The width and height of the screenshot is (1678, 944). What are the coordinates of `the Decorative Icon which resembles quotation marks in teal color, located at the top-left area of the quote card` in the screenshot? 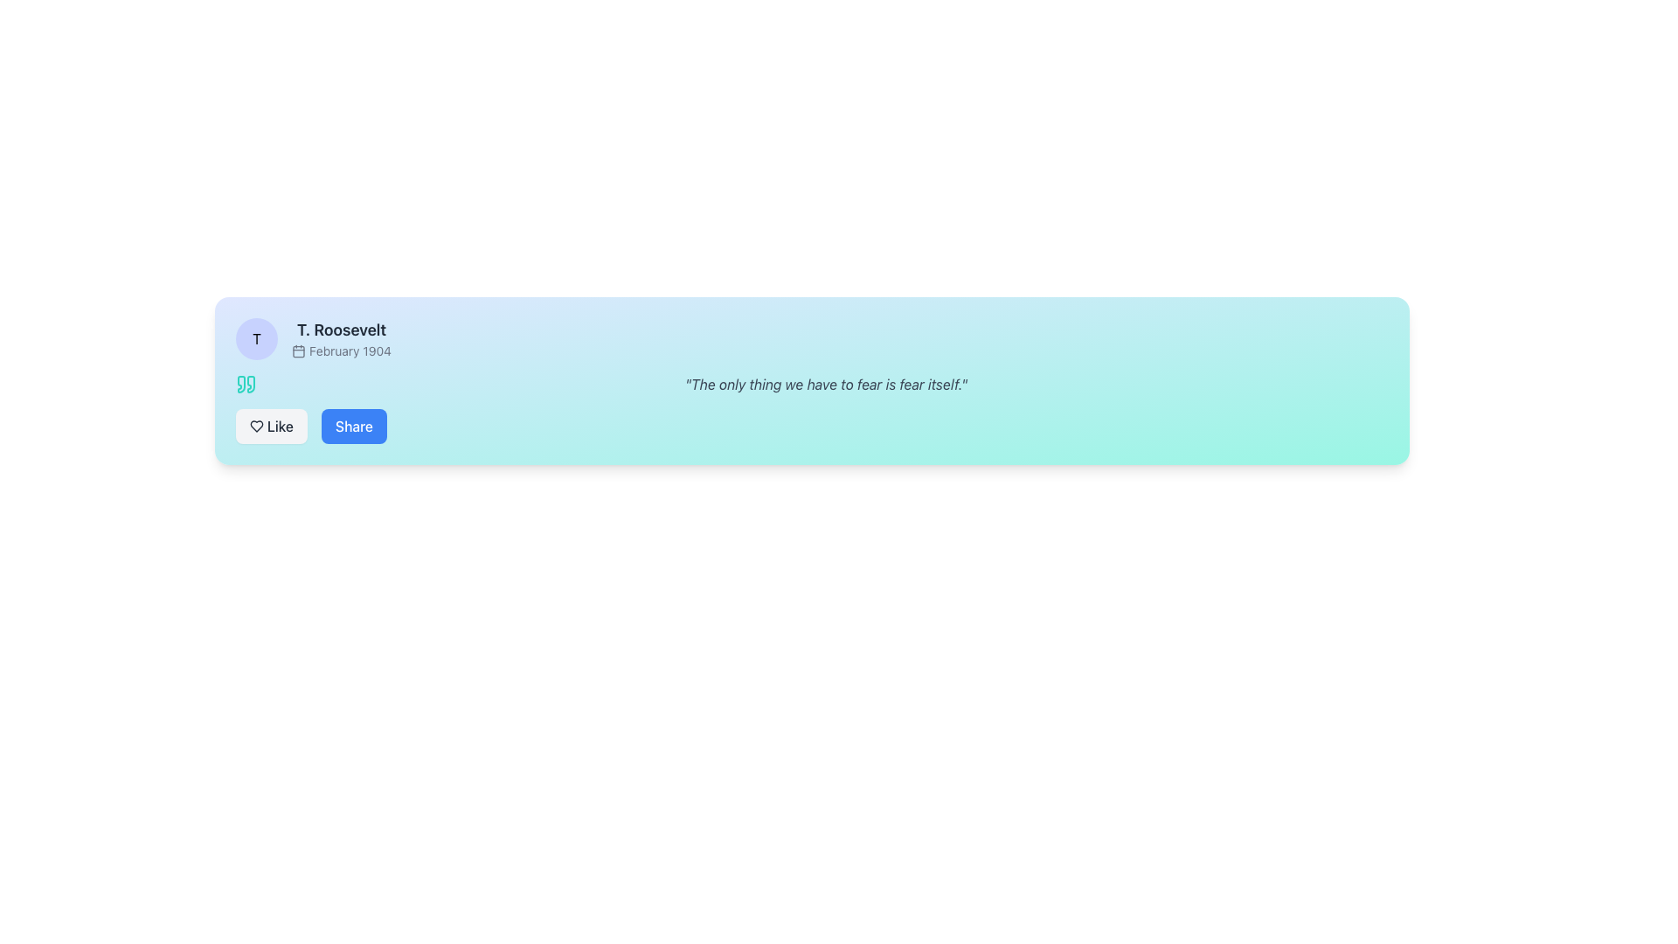 It's located at (246, 383).